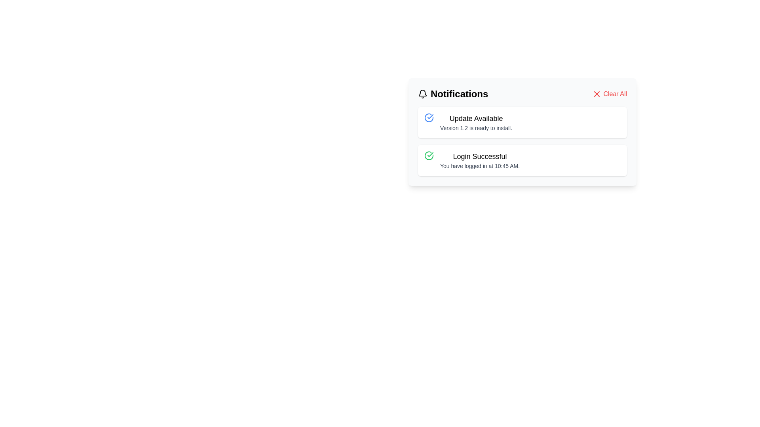 This screenshot has width=760, height=427. What do you see at coordinates (429, 117) in the screenshot?
I see `the blue checkmark icon located in the upper-left corner of the 'Update Available' notification card` at bounding box center [429, 117].